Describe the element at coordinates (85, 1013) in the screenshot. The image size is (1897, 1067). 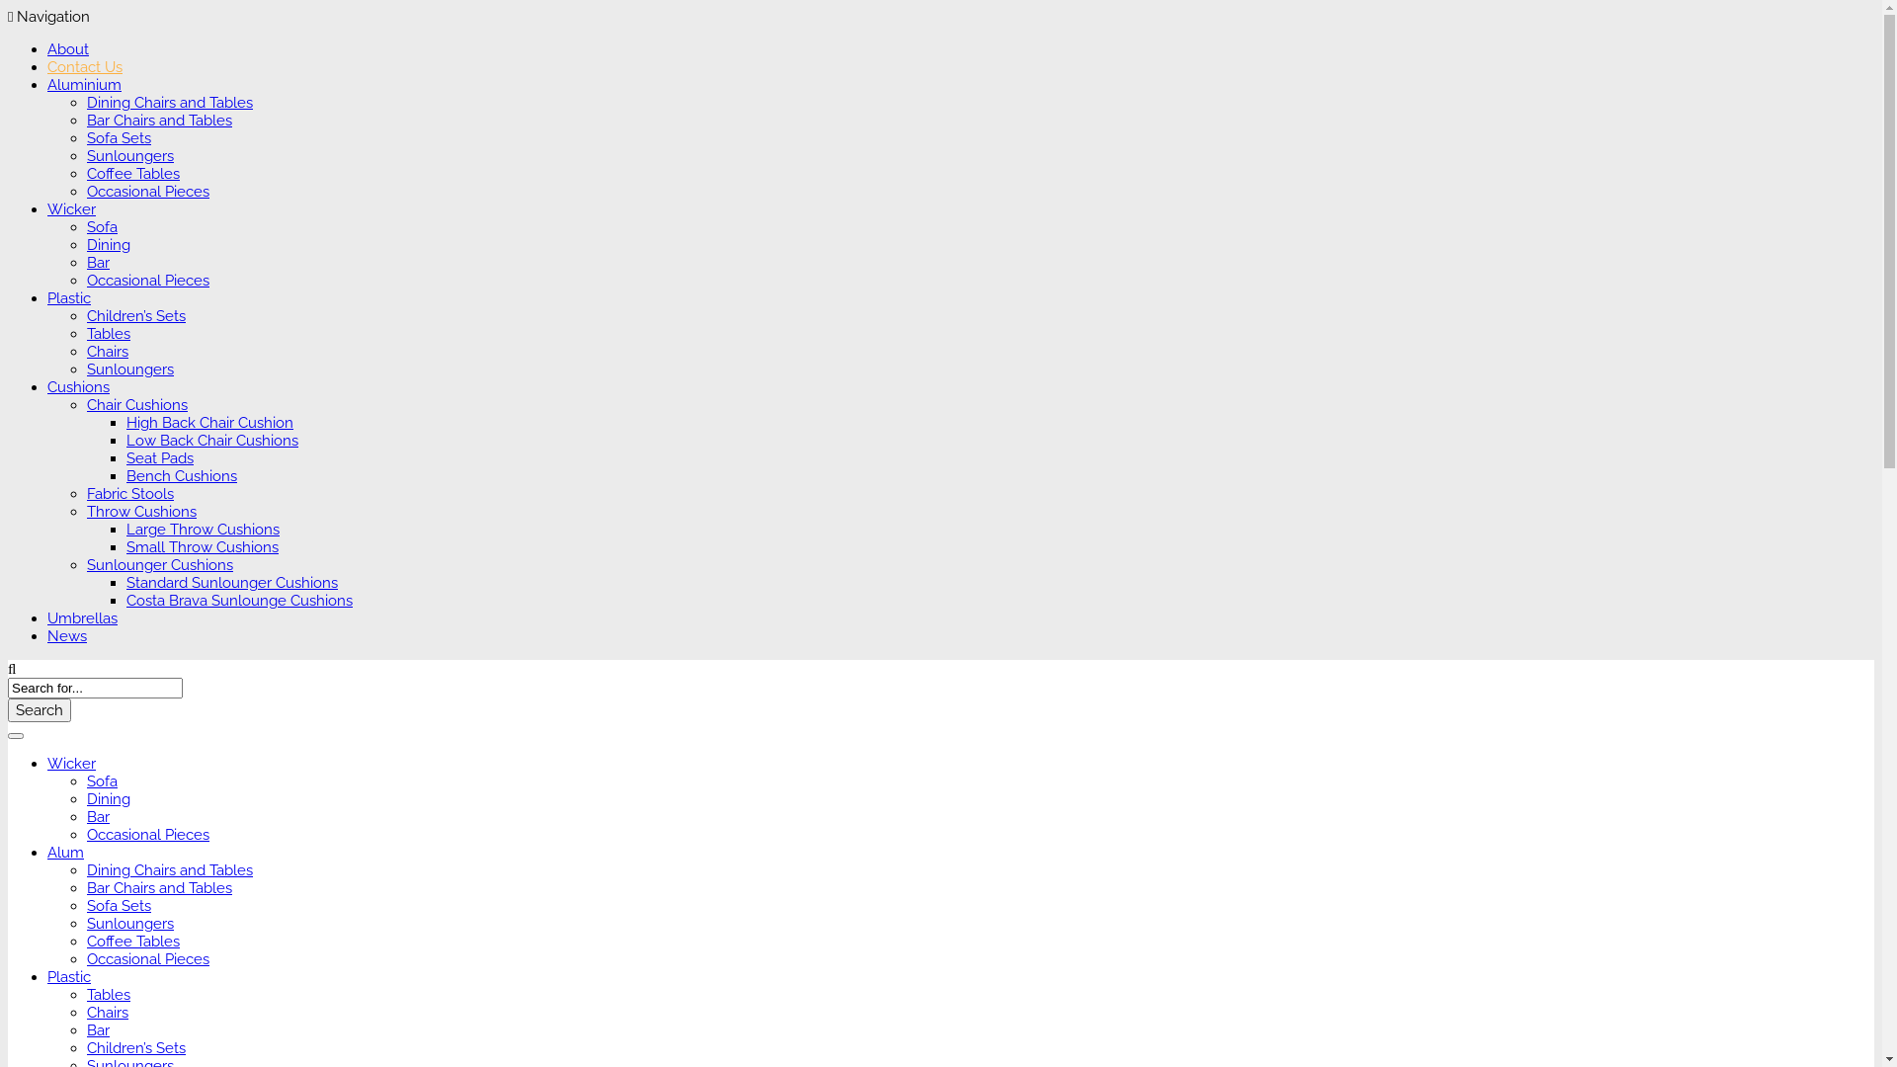
I see `'Chairs'` at that location.